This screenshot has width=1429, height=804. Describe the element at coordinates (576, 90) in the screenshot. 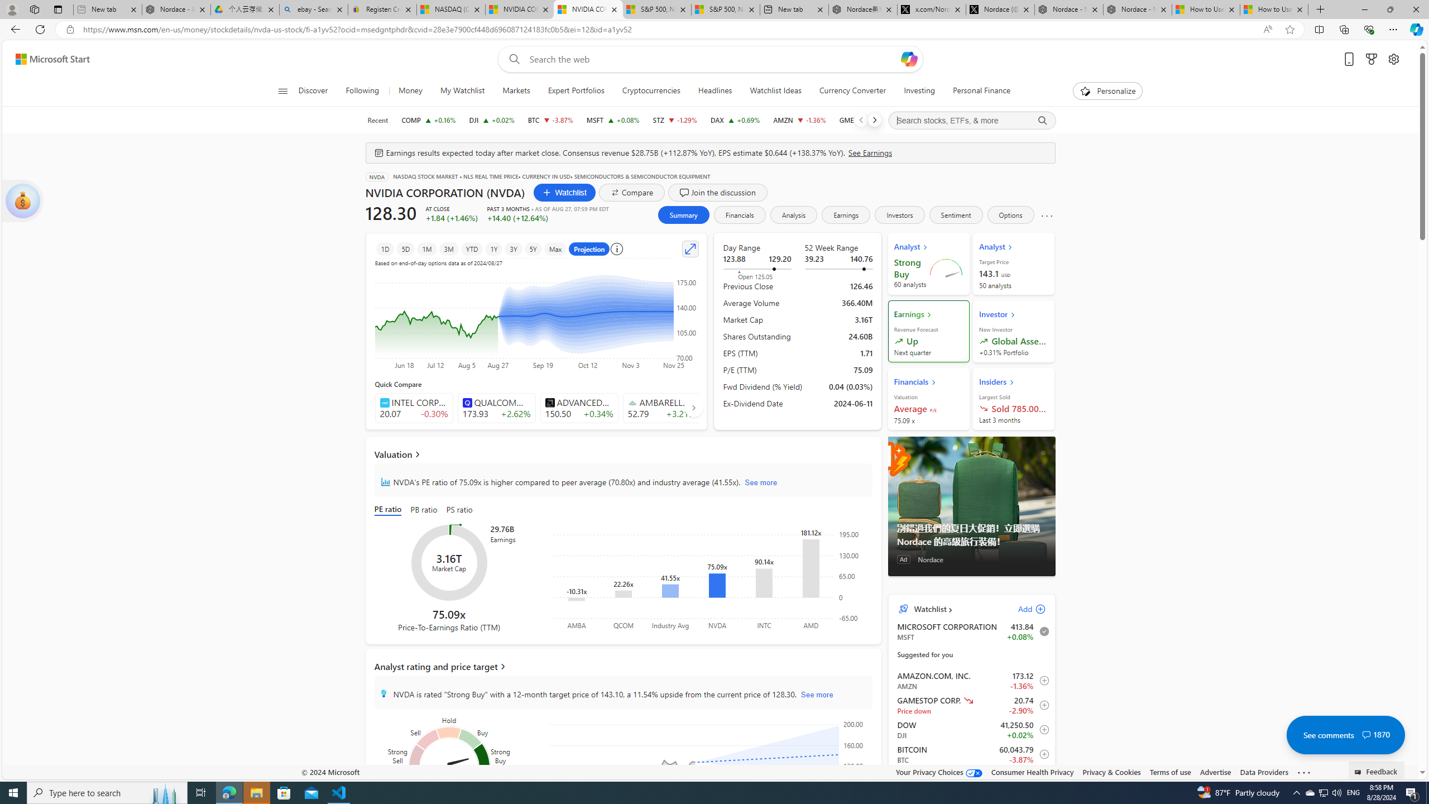

I see `'Expert Portfolios'` at that location.